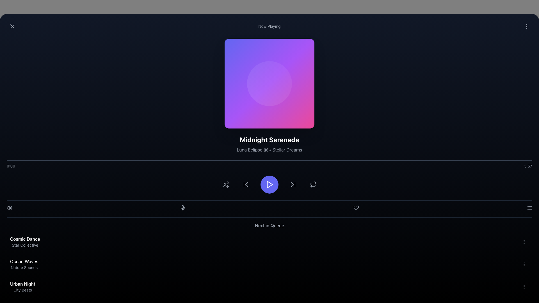 The height and width of the screenshot is (303, 539). Describe the element at coordinates (526, 26) in the screenshot. I see `the button represented by a vertically aligned ellipsis icon with three stacked dots located at the far right end of the top navigation bar for keyboard navigation` at that location.